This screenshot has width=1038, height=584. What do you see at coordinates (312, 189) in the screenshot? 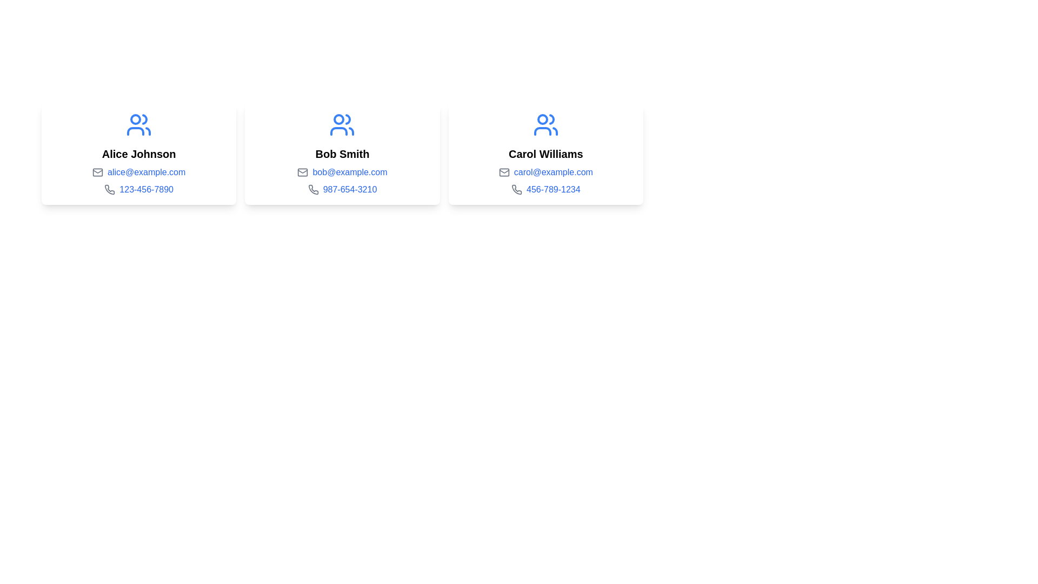
I see `the phone icon representing contact information for 'Bob Smith', located at the bottom of the card preceding the text '987-654-3210'` at bounding box center [312, 189].